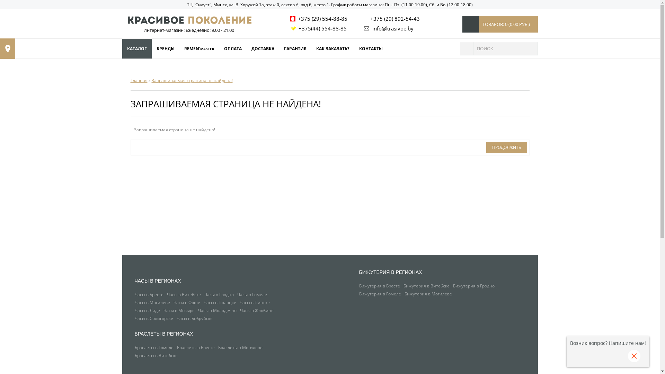 This screenshot has width=665, height=374. I want to click on '+375 (29) 892-54-43', so click(391, 18).